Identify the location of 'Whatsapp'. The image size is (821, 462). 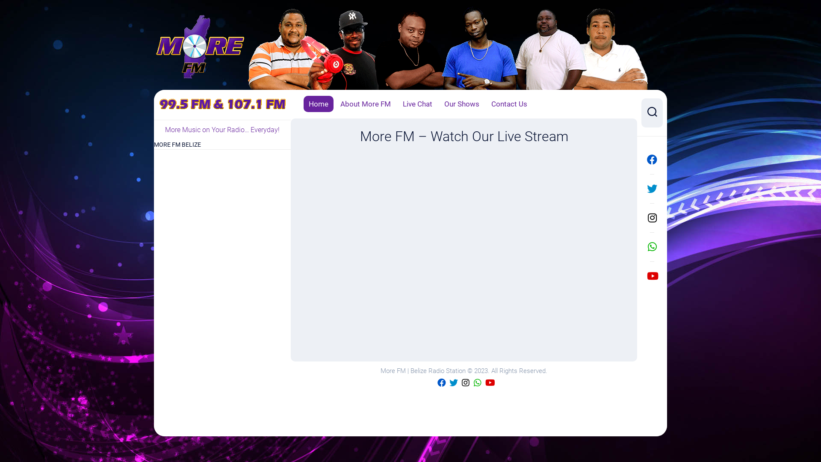
(477, 382).